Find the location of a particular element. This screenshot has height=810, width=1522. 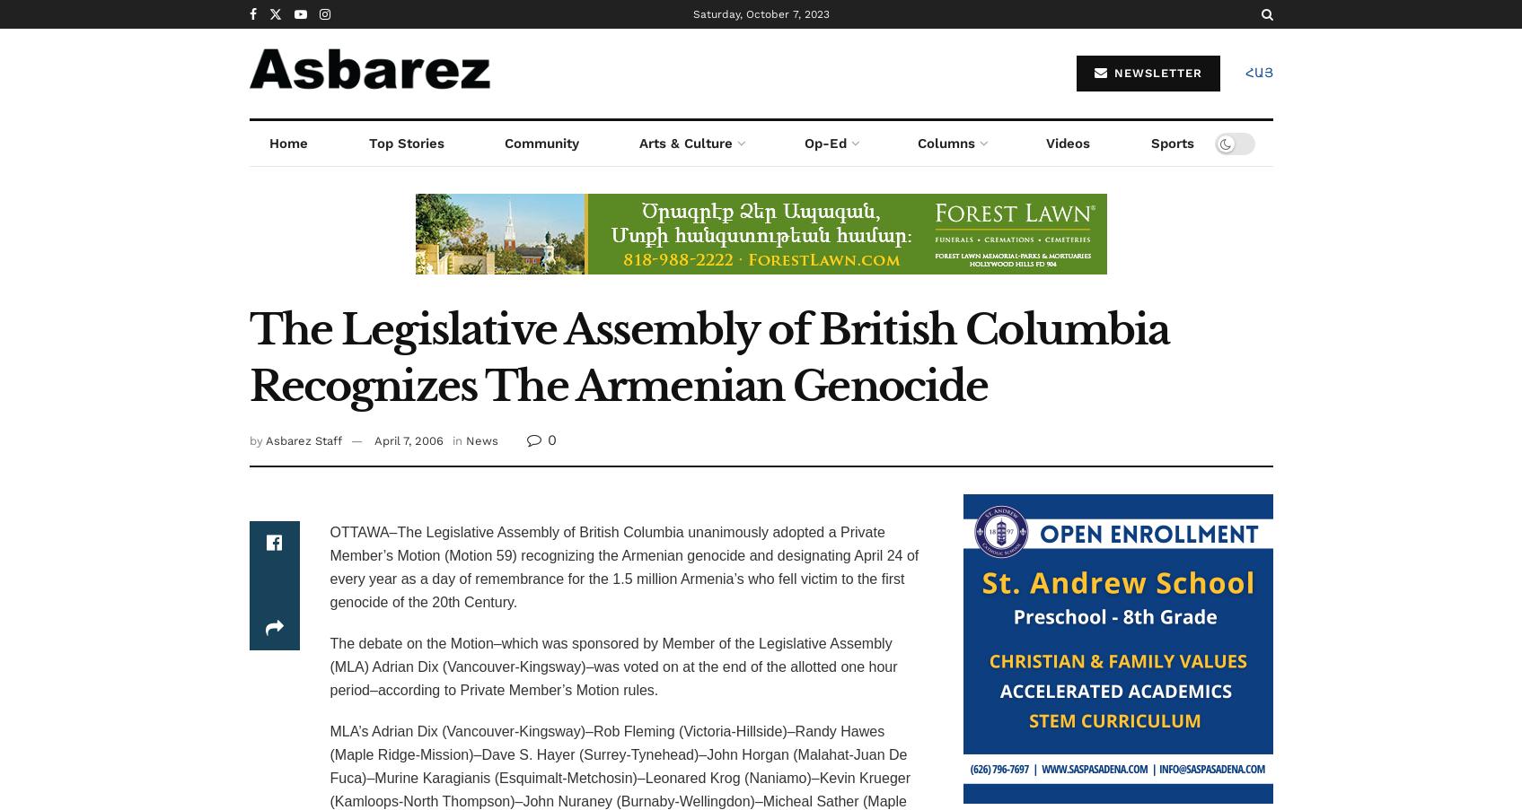

'Op-Ed' is located at coordinates (802, 143).